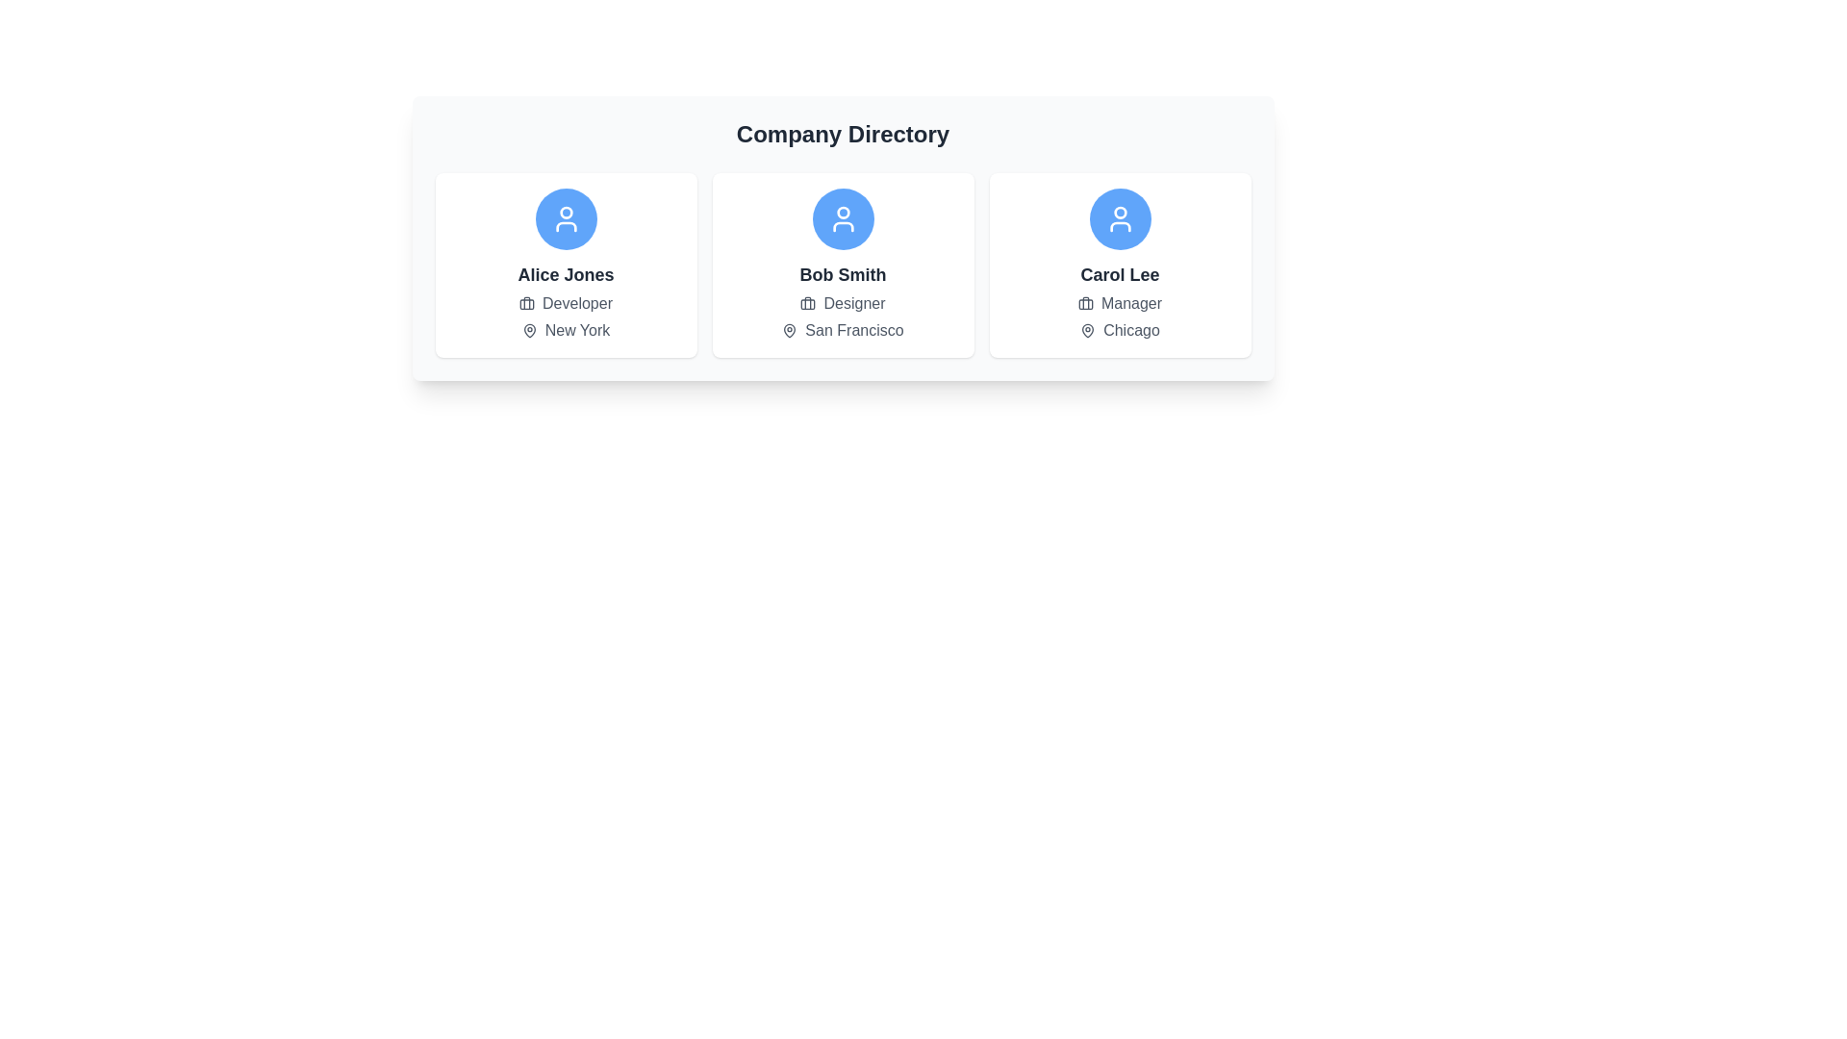  Describe the element at coordinates (790, 329) in the screenshot. I see `the map pin icon representing San Francisco, located below the city name in the central card of a three-card layout` at that location.